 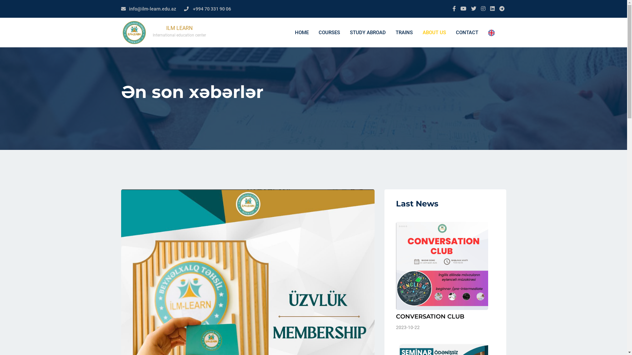 What do you see at coordinates (212, 9) in the screenshot?
I see `'+994 70 331 90 06'` at bounding box center [212, 9].